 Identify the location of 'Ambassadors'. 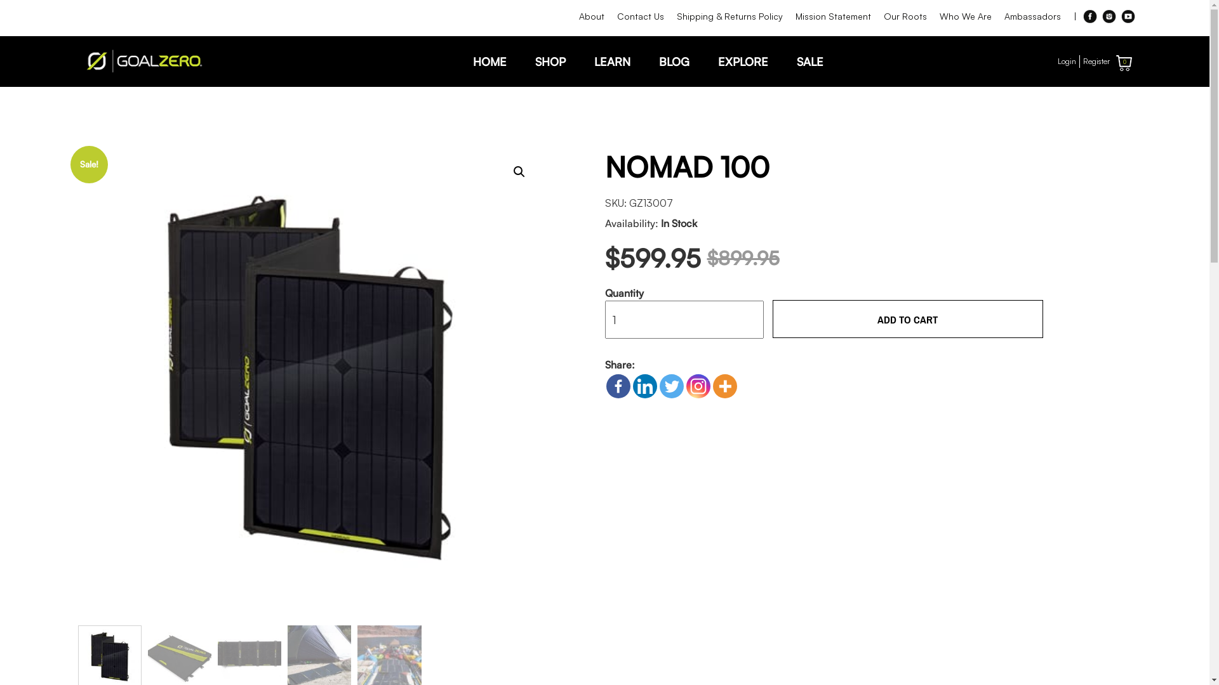
(1032, 16).